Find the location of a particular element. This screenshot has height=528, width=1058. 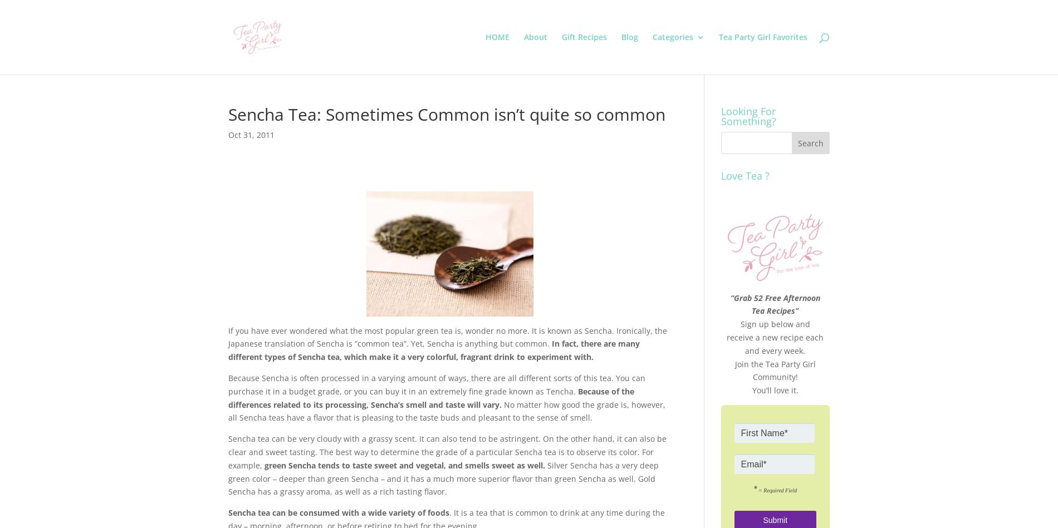

'Tea Recipes”' is located at coordinates (774, 310).